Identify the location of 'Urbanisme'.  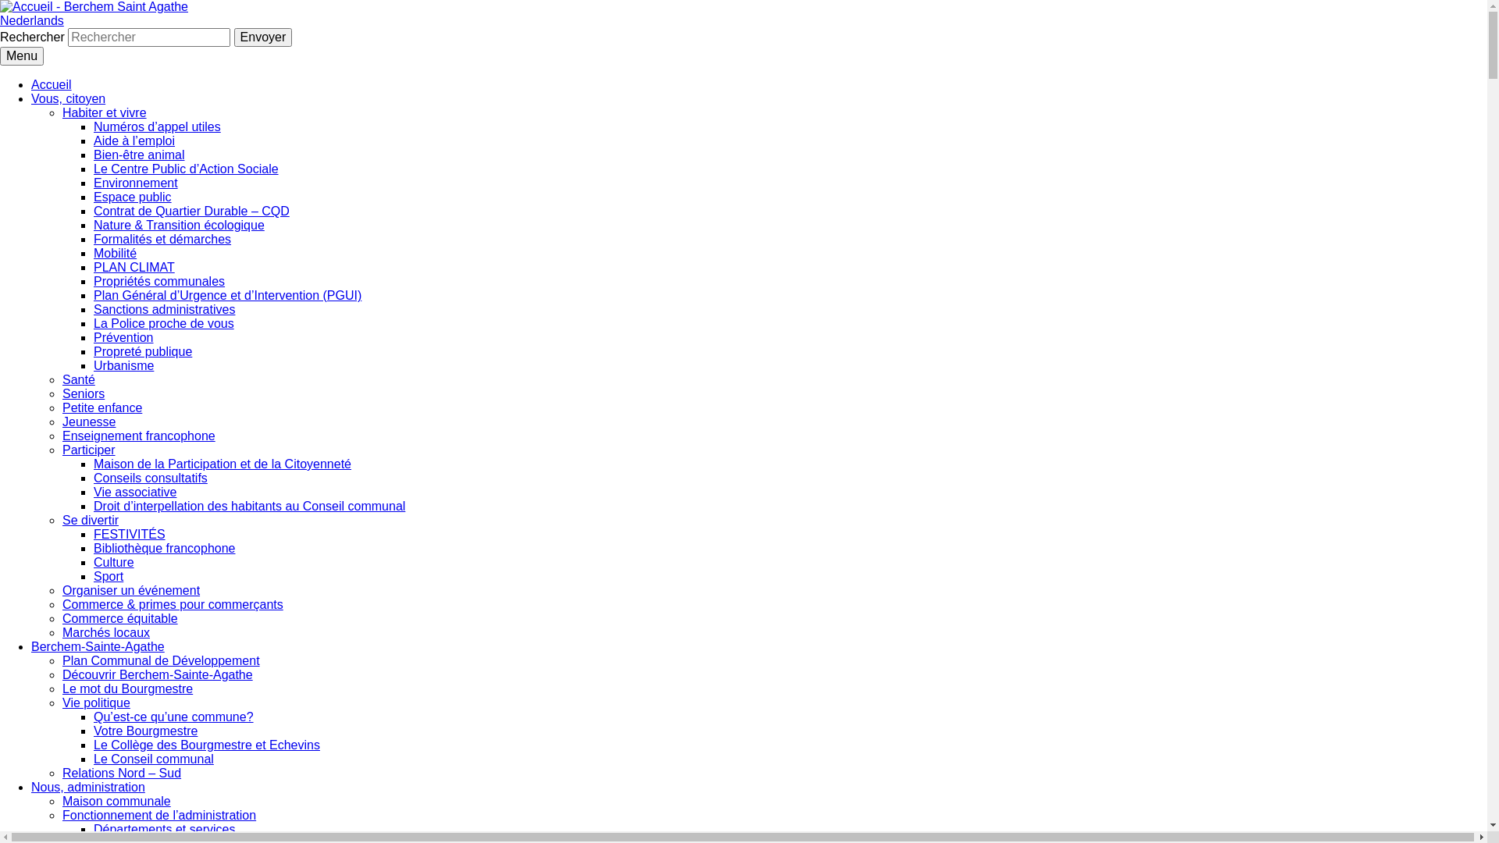
(123, 365).